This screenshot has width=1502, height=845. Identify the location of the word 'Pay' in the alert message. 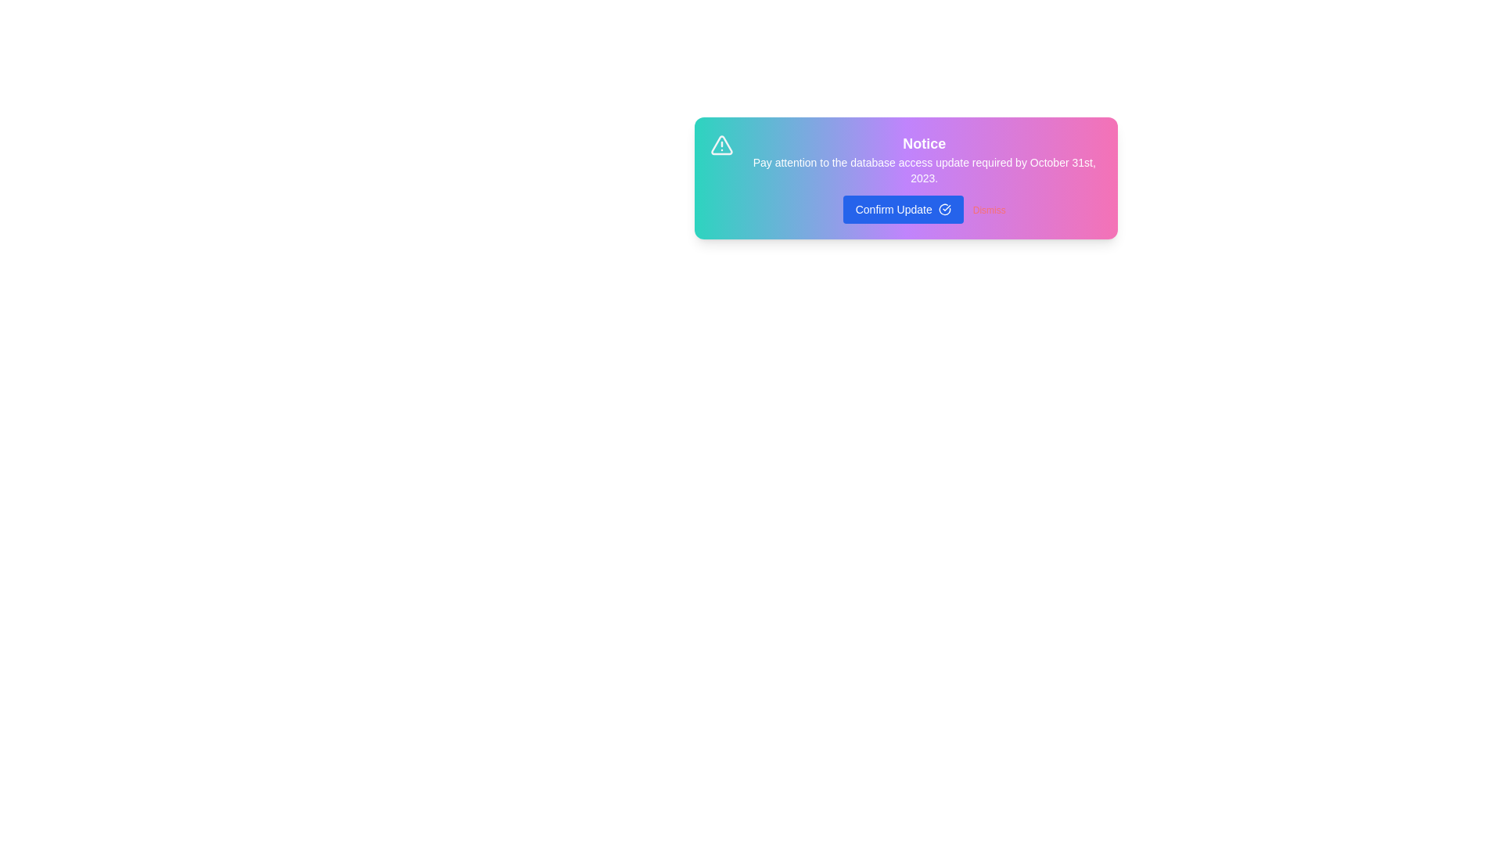
(751, 156).